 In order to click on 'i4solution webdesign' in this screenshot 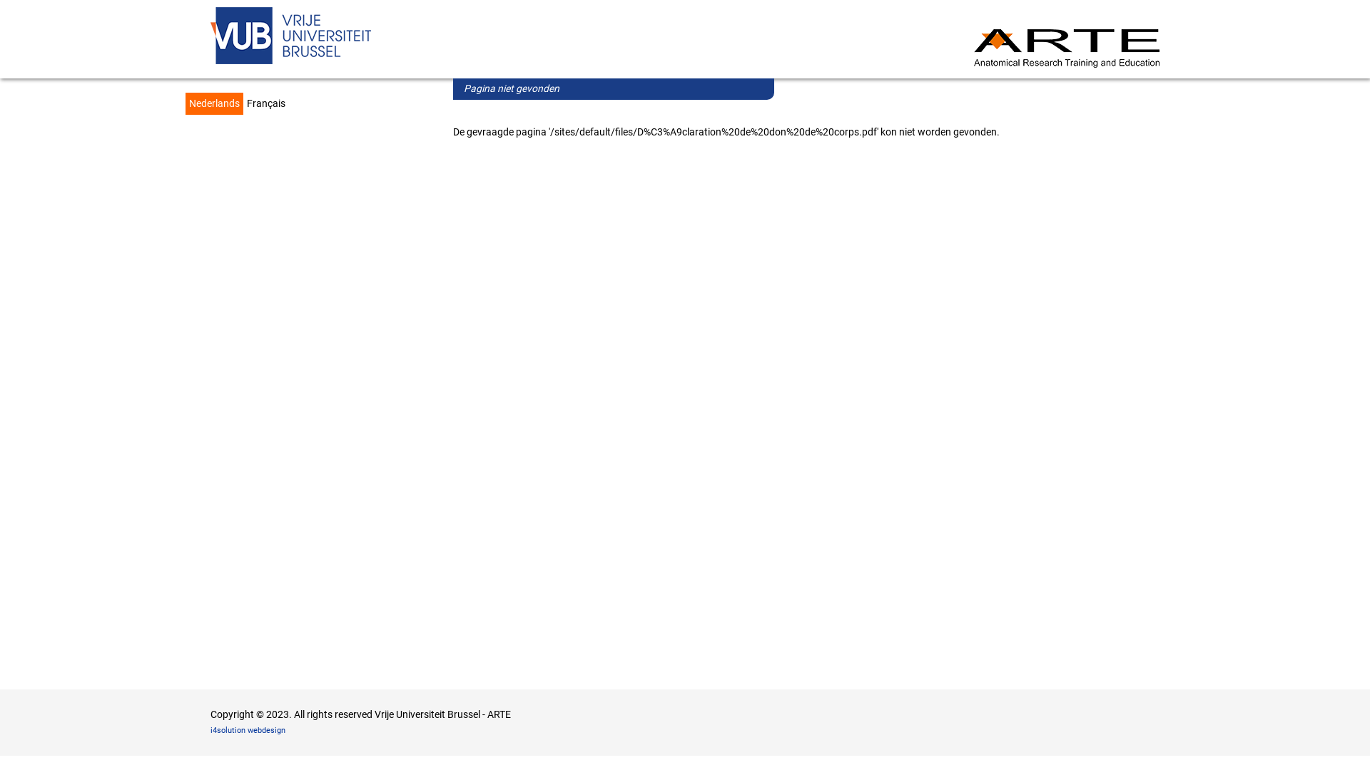, I will do `click(248, 730)`.